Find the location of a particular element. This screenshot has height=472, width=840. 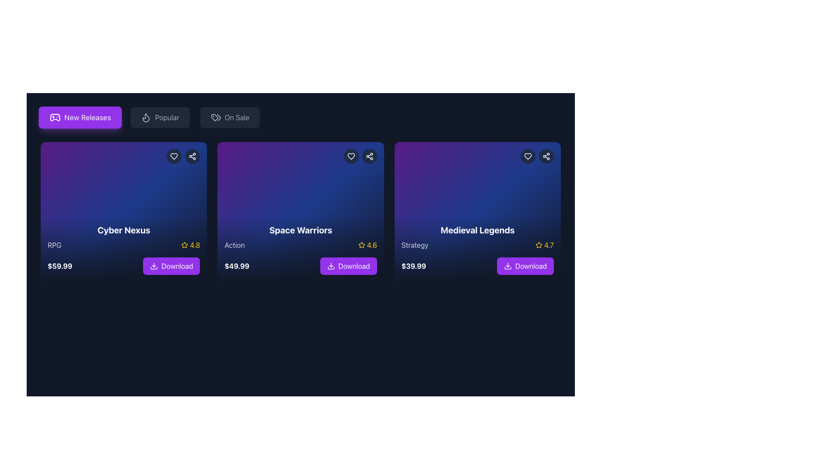

the heart-shaped icon in the top-right corner of the 'Space Warriors' card to favorite the item is located at coordinates (351, 156).